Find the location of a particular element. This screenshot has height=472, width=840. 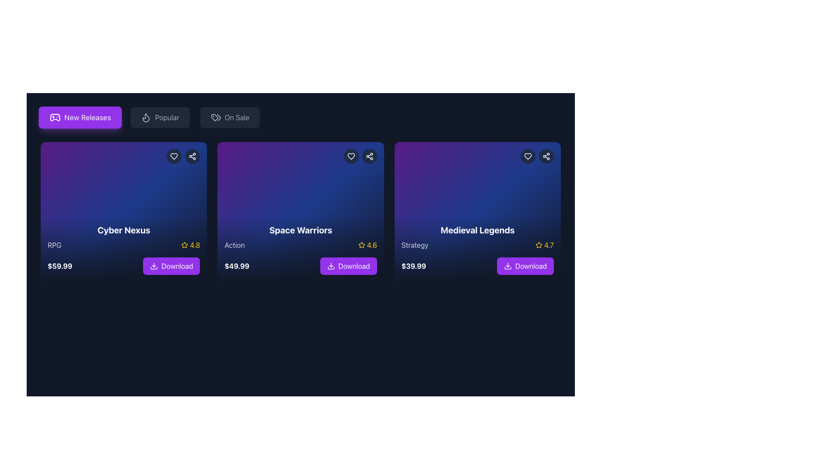

the heart-shaped icon in the top-right corner of the 'Space Warriors' card to favorite the item is located at coordinates (351, 156).